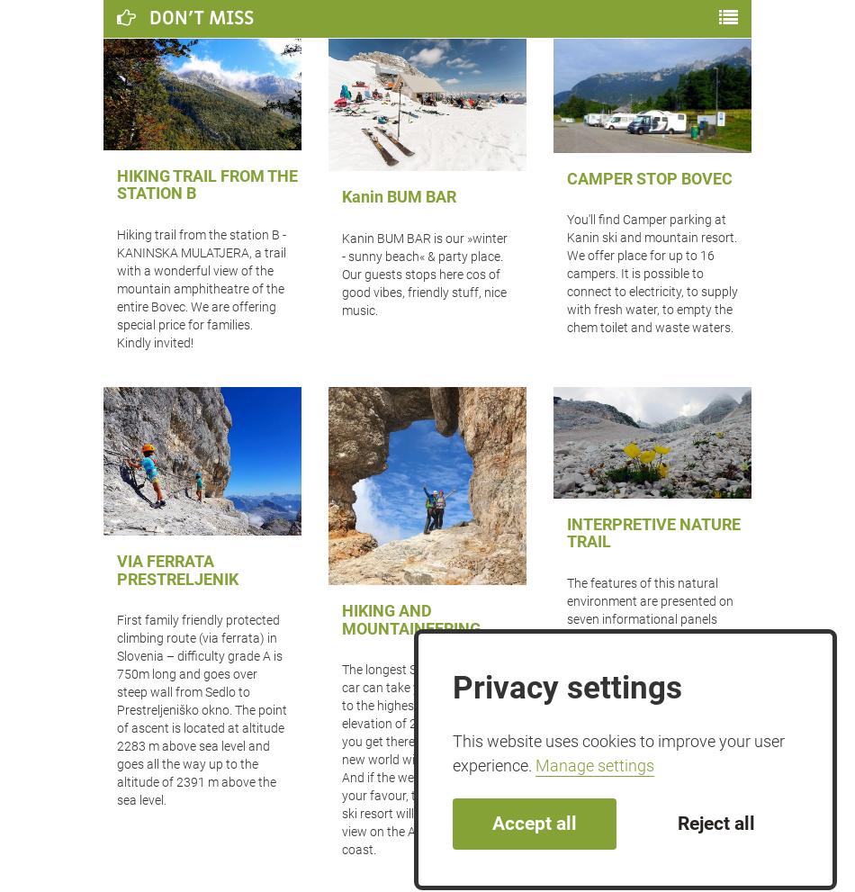 This screenshot has height=892, width=855. What do you see at coordinates (116, 569) in the screenshot?
I see `'VIA FERRATA PRESTRELJENIK'` at bounding box center [116, 569].